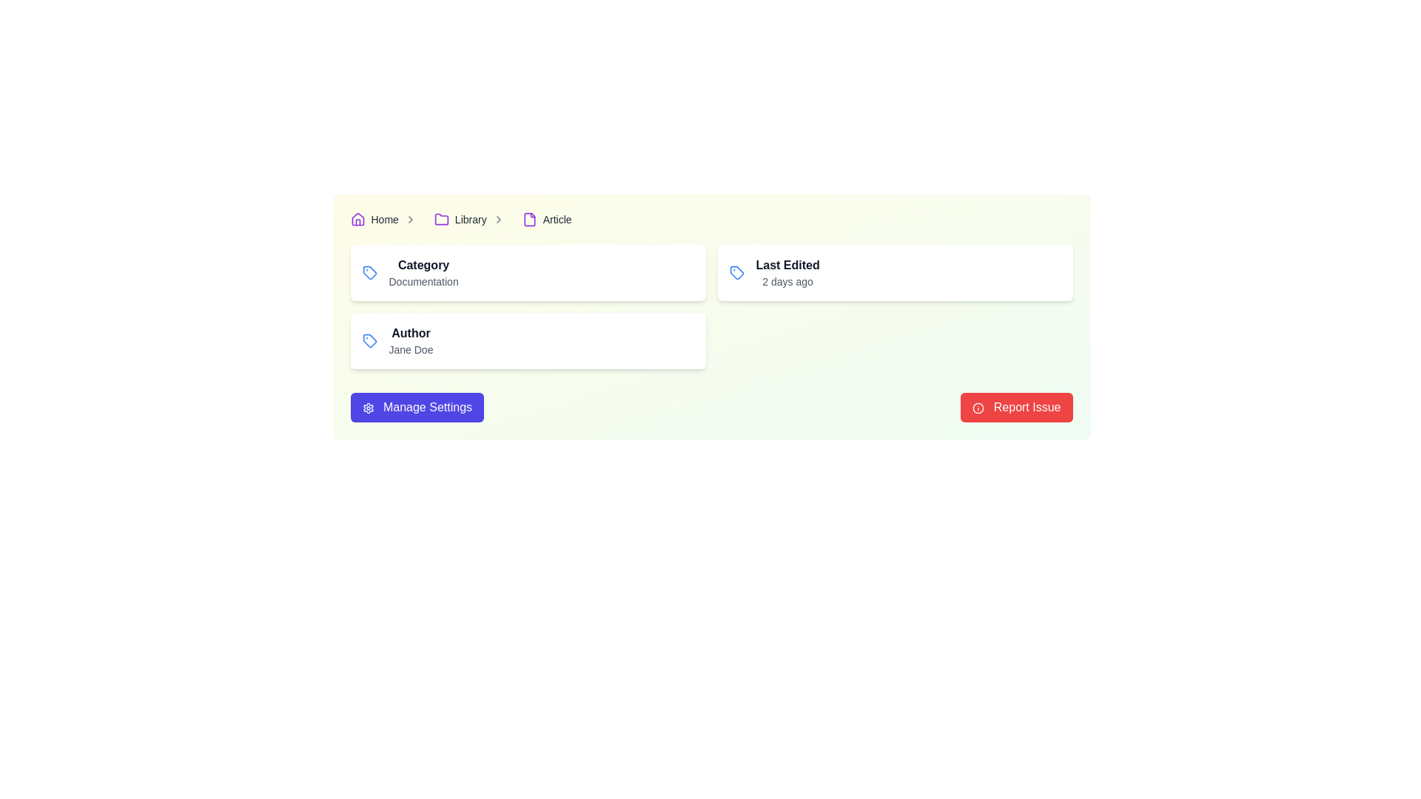 This screenshot has height=799, width=1421. Describe the element at coordinates (423, 264) in the screenshot. I see `the bold text label that reads 'Category', which serves as a heading for the 'Documentation' content below it` at that location.